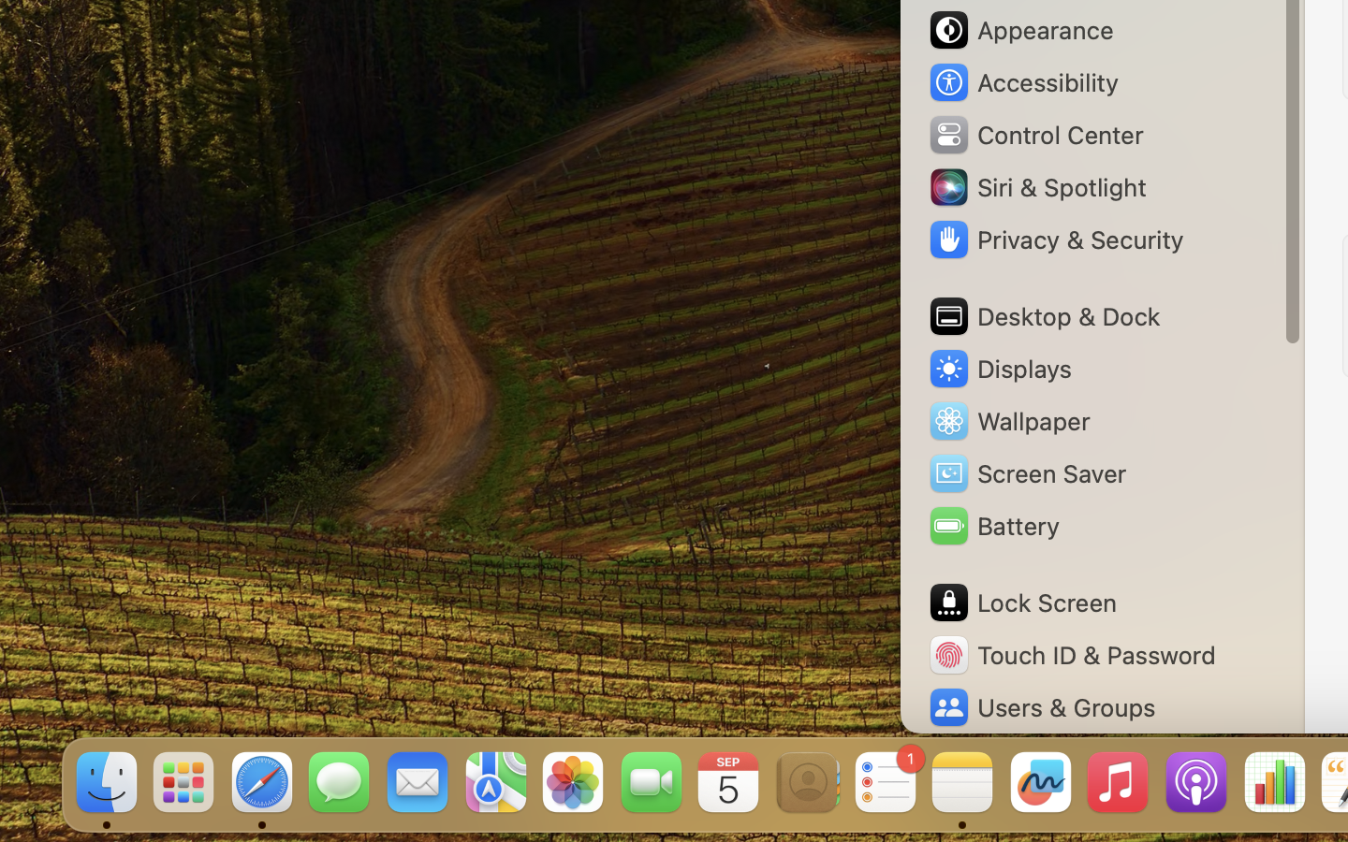 The height and width of the screenshot is (842, 1348). What do you see at coordinates (1020, 602) in the screenshot?
I see `'Lock Screen'` at bounding box center [1020, 602].